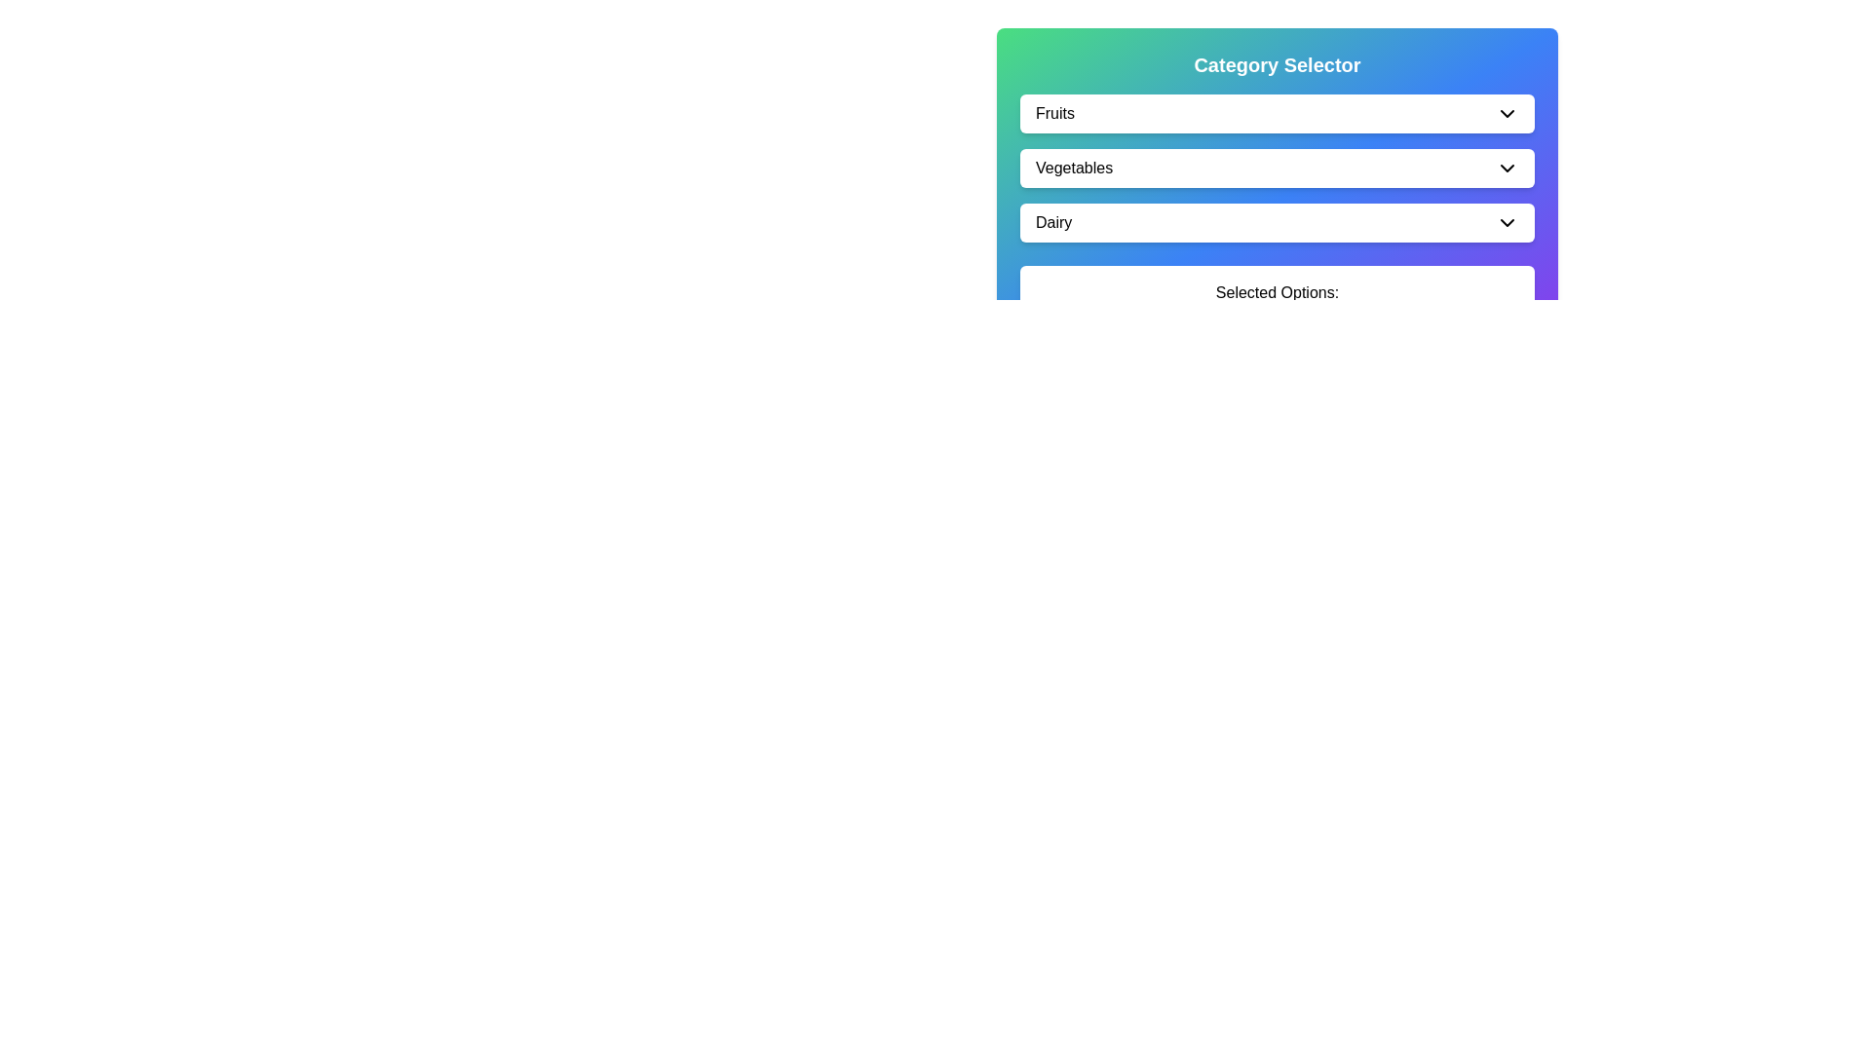 The height and width of the screenshot is (1052, 1871). I want to click on the dropdown indicator icon located on the right side of the 'Fruits' list item to receive tooltips, so click(1506, 113).